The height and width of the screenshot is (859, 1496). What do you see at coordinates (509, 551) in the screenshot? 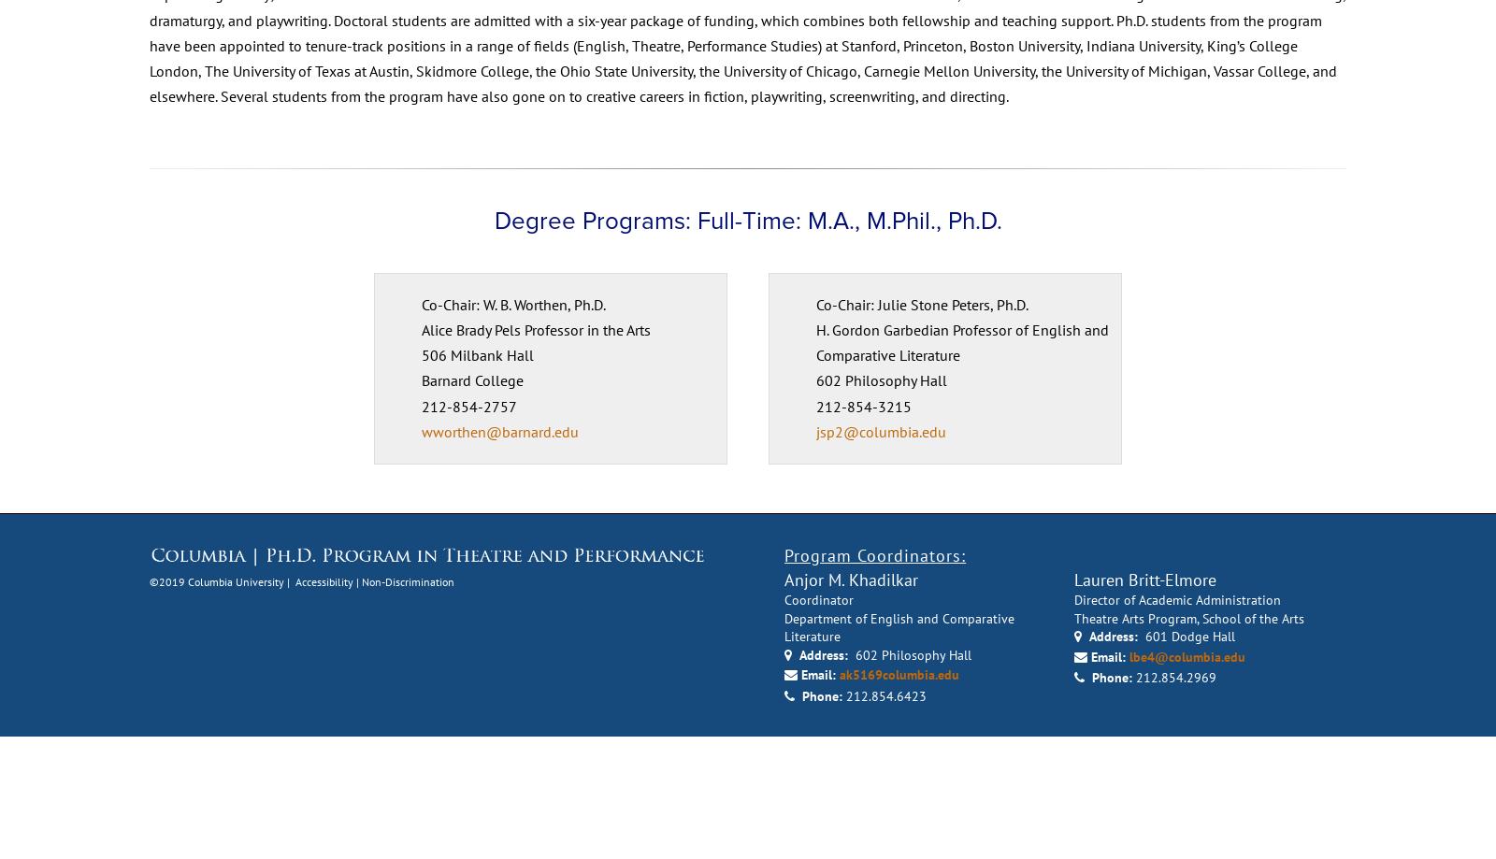
I see `'wworthen@barnard.edu'` at bounding box center [509, 551].